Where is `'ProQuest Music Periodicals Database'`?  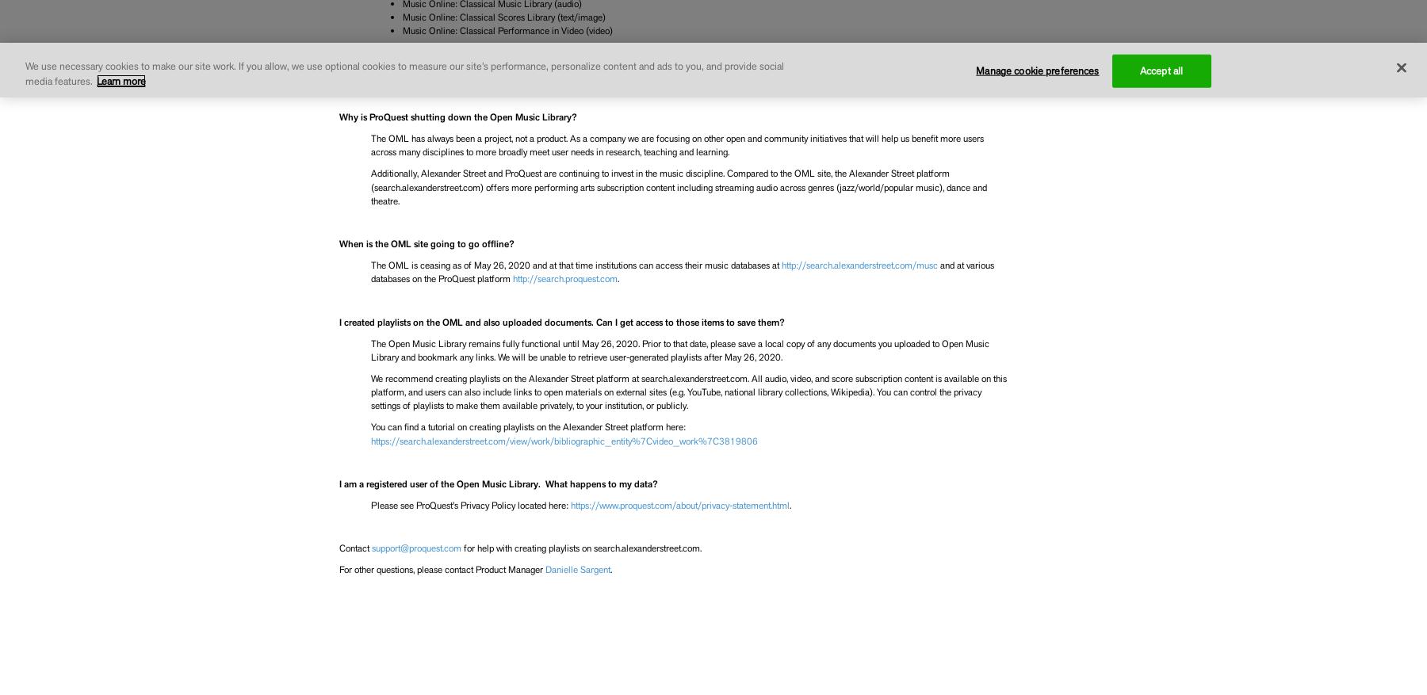
'ProQuest Music Periodicals Database' is located at coordinates (401, 73).